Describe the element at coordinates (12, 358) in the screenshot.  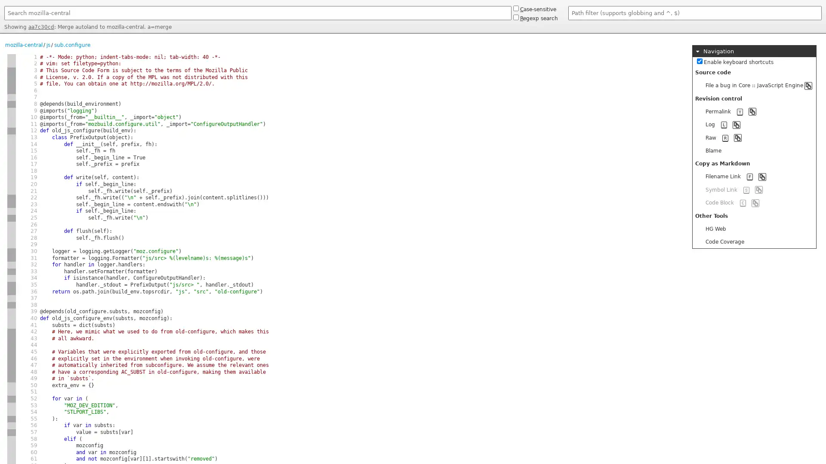
I see `same hash 2` at that location.